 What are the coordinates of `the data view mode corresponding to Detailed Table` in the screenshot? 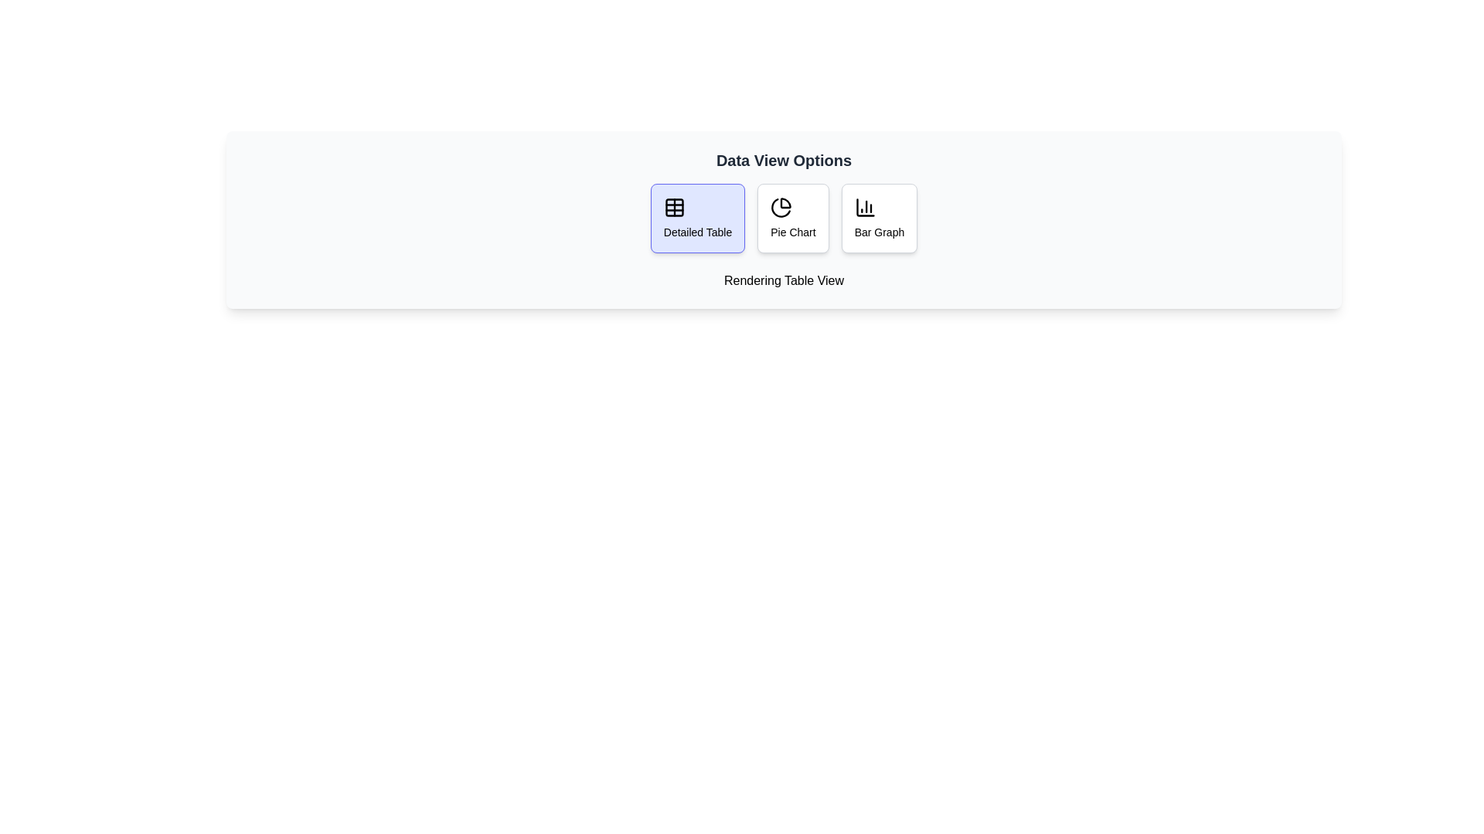 It's located at (696, 218).